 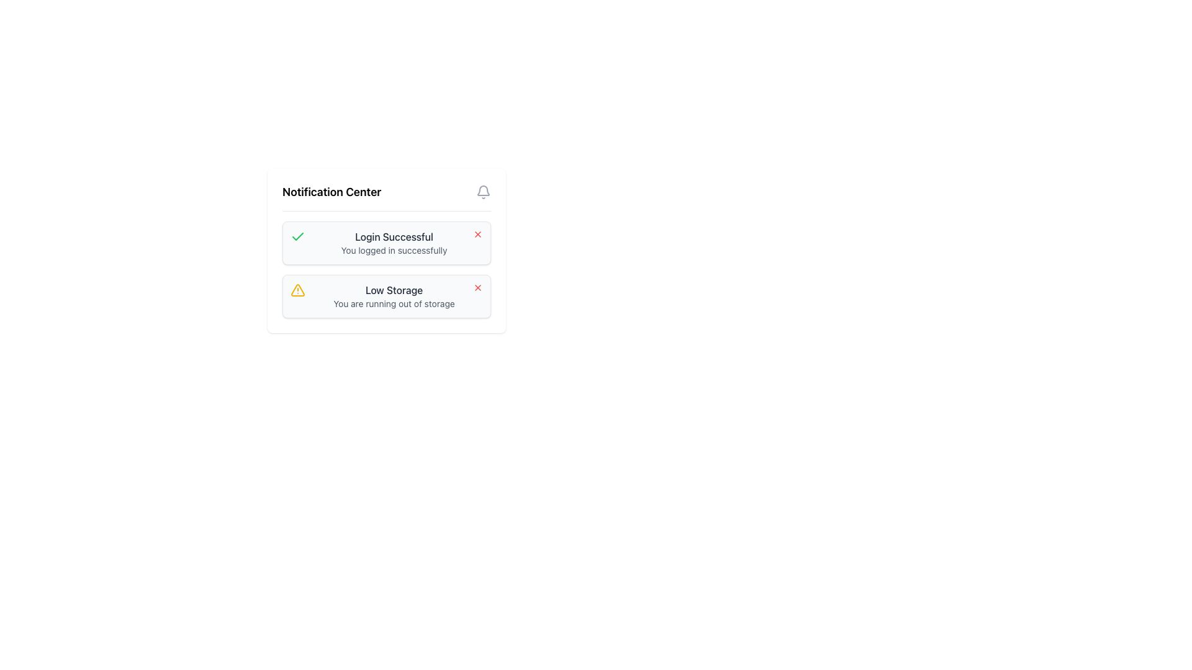 I want to click on the checkmark icon indicating confirmation or success within the 'Login Successful' notification in the notification center, so click(x=298, y=236).